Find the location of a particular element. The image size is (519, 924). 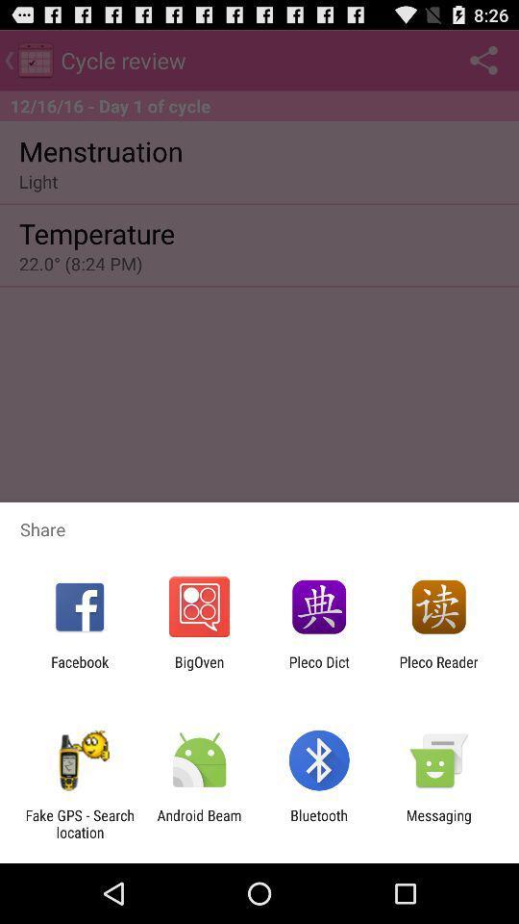

fake gps search app is located at coordinates (79, 823).